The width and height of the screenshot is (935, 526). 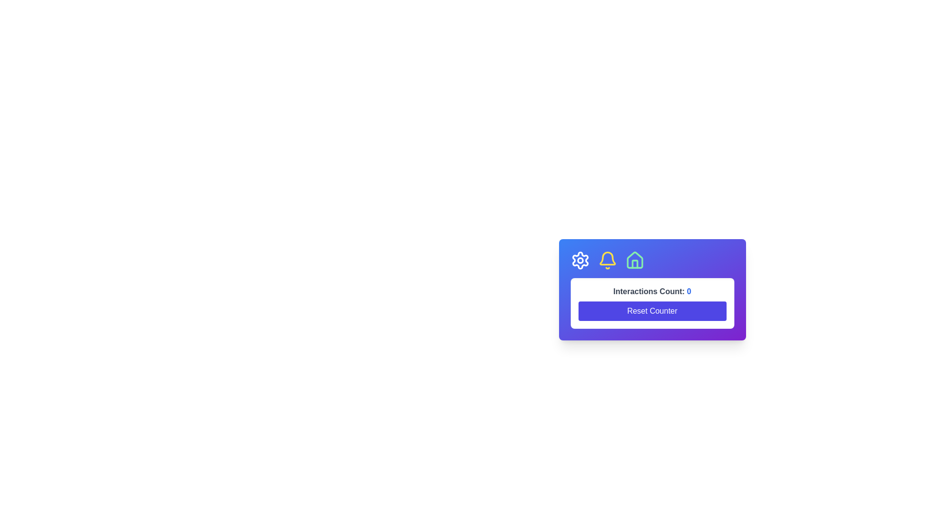 I want to click on the settings icon located at the top of the purple interface section, so click(x=580, y=260).